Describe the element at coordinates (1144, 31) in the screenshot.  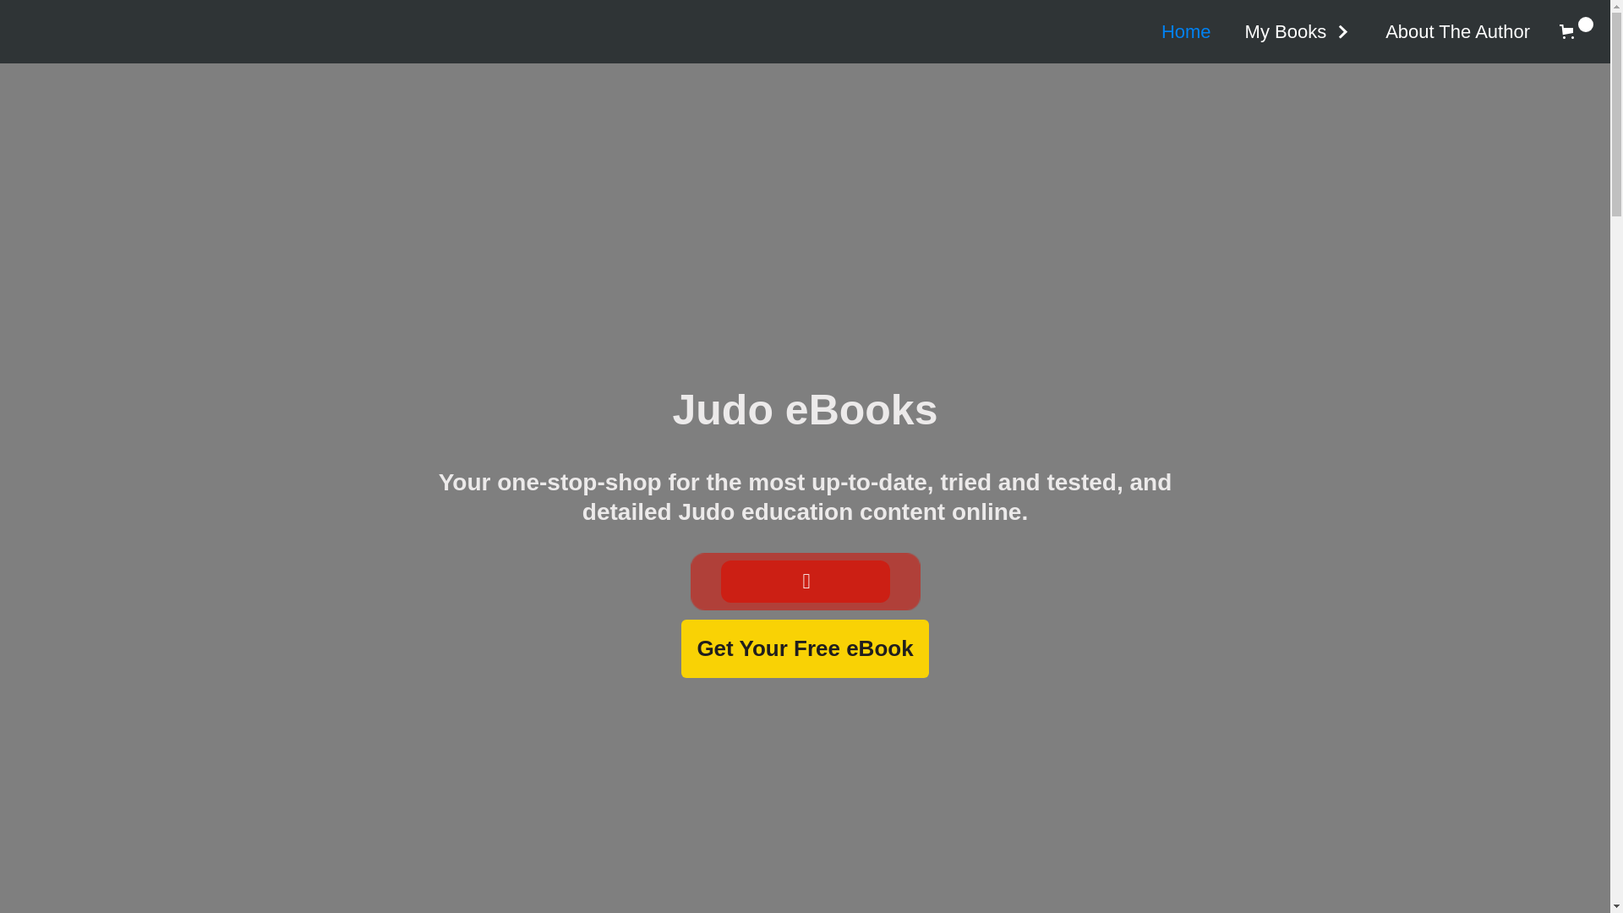
I see `'Home'` at that location.